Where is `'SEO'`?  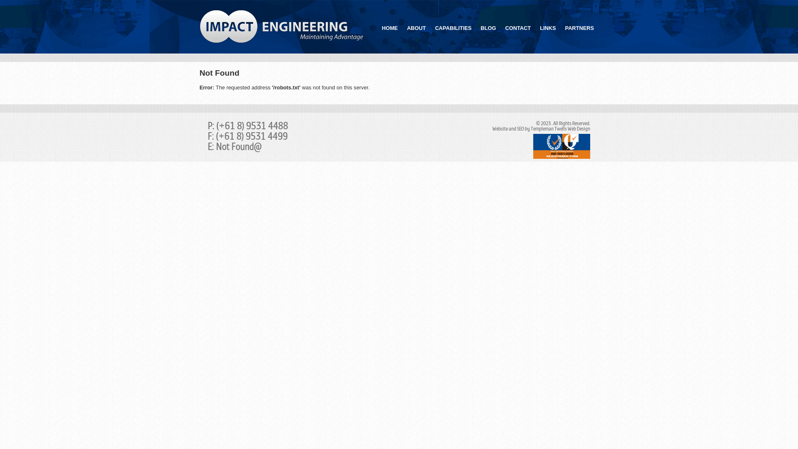 'SEO' is located at coordinates (516, 129).